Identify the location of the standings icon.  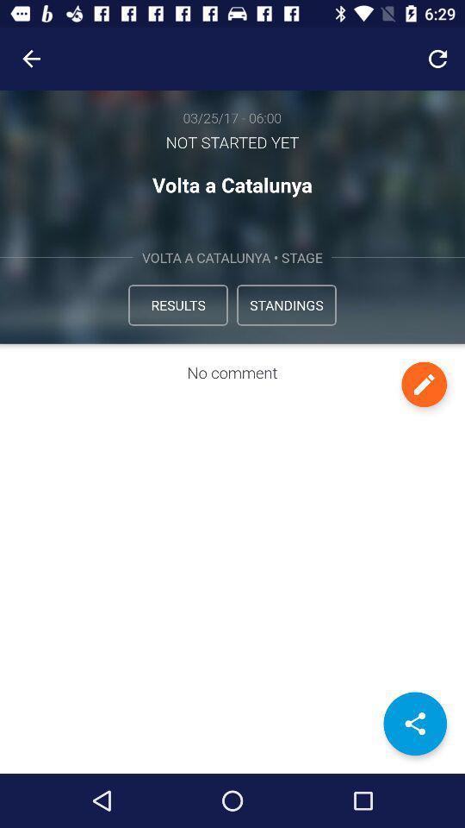
(287, 304).